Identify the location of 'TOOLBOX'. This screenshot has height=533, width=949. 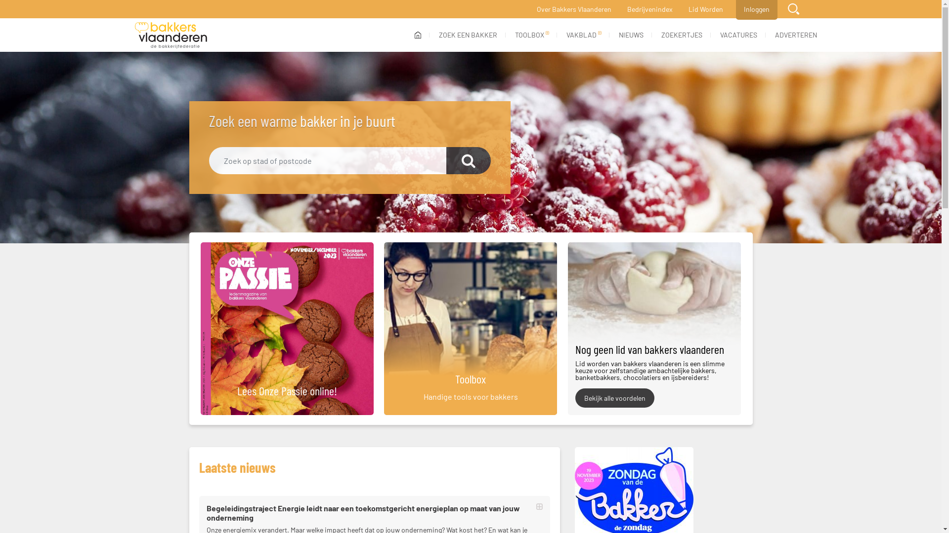
(531, 34).